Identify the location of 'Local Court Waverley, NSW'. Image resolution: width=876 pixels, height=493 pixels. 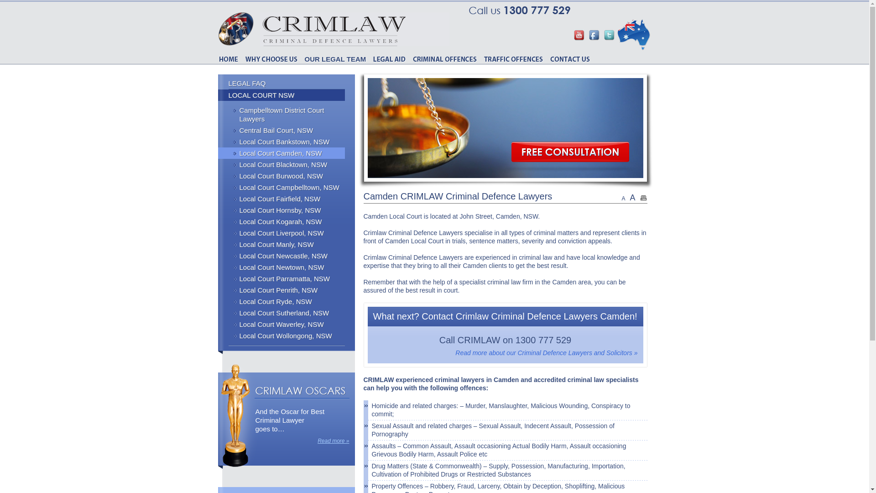
(281, 324).